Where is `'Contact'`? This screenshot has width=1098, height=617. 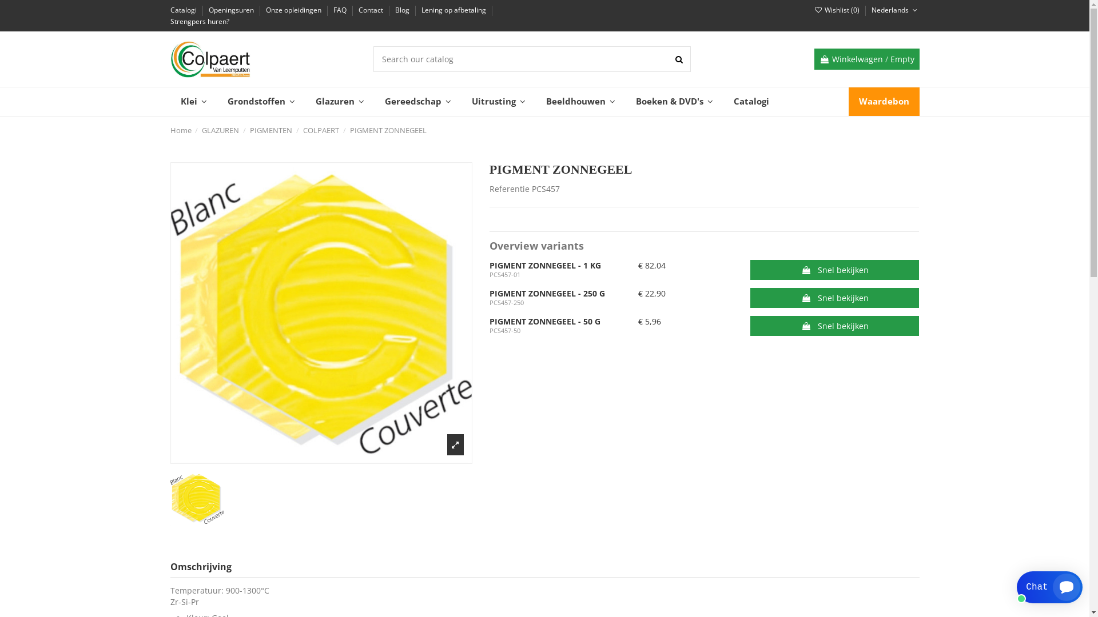 'Contact' is located at coordinates (371, 10).